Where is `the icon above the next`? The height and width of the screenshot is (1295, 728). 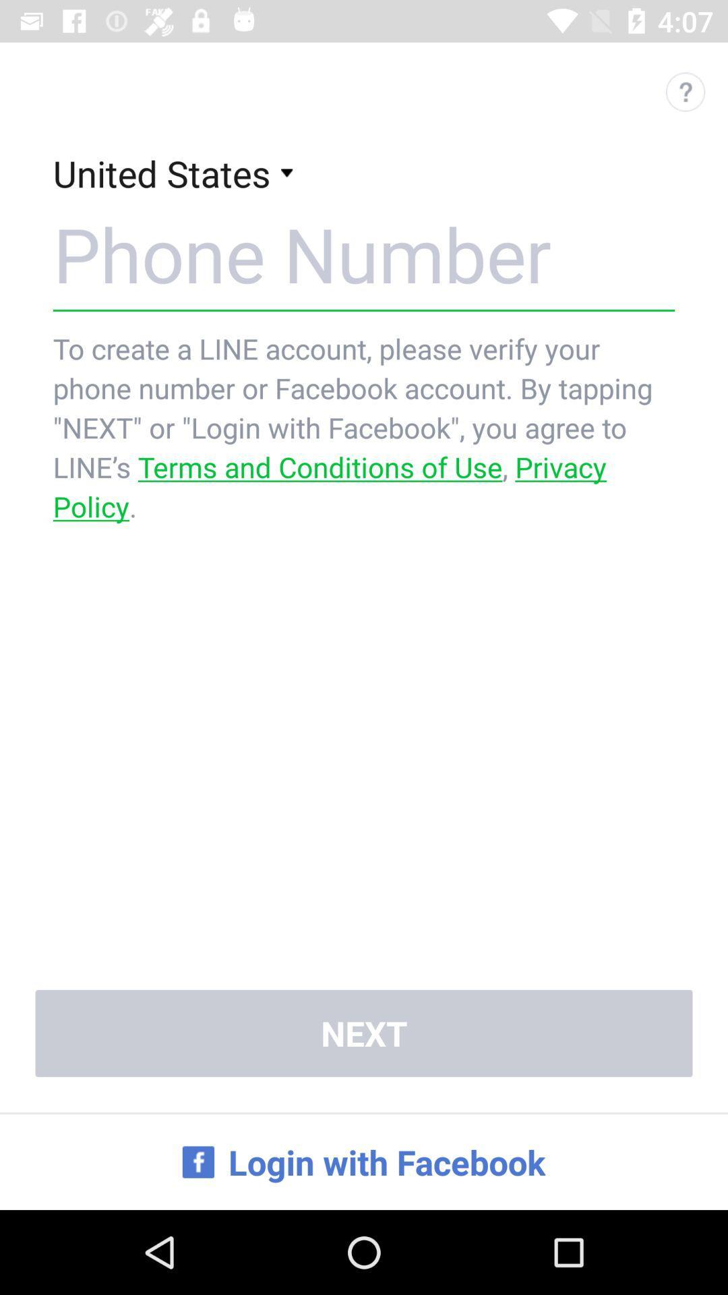 the icon above the next is located at coordinates (364, 426).